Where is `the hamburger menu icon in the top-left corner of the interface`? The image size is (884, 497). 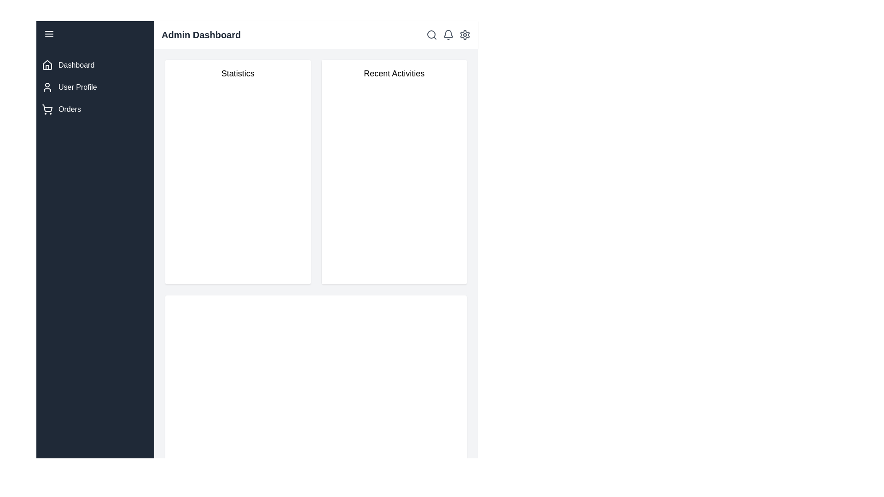 the hamburger menu icon in the top-left corner of the interface is located at coordinates (48, 33).